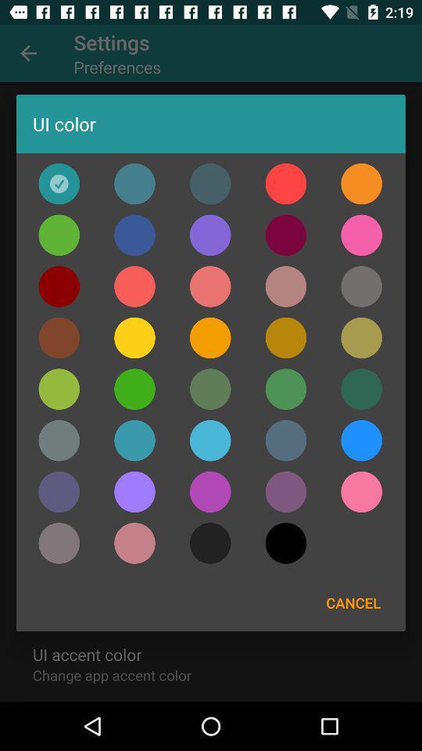 Image resolution: width=422 pixels, height=751 pixels. I want to click on change the ui color, so click(210, 286).